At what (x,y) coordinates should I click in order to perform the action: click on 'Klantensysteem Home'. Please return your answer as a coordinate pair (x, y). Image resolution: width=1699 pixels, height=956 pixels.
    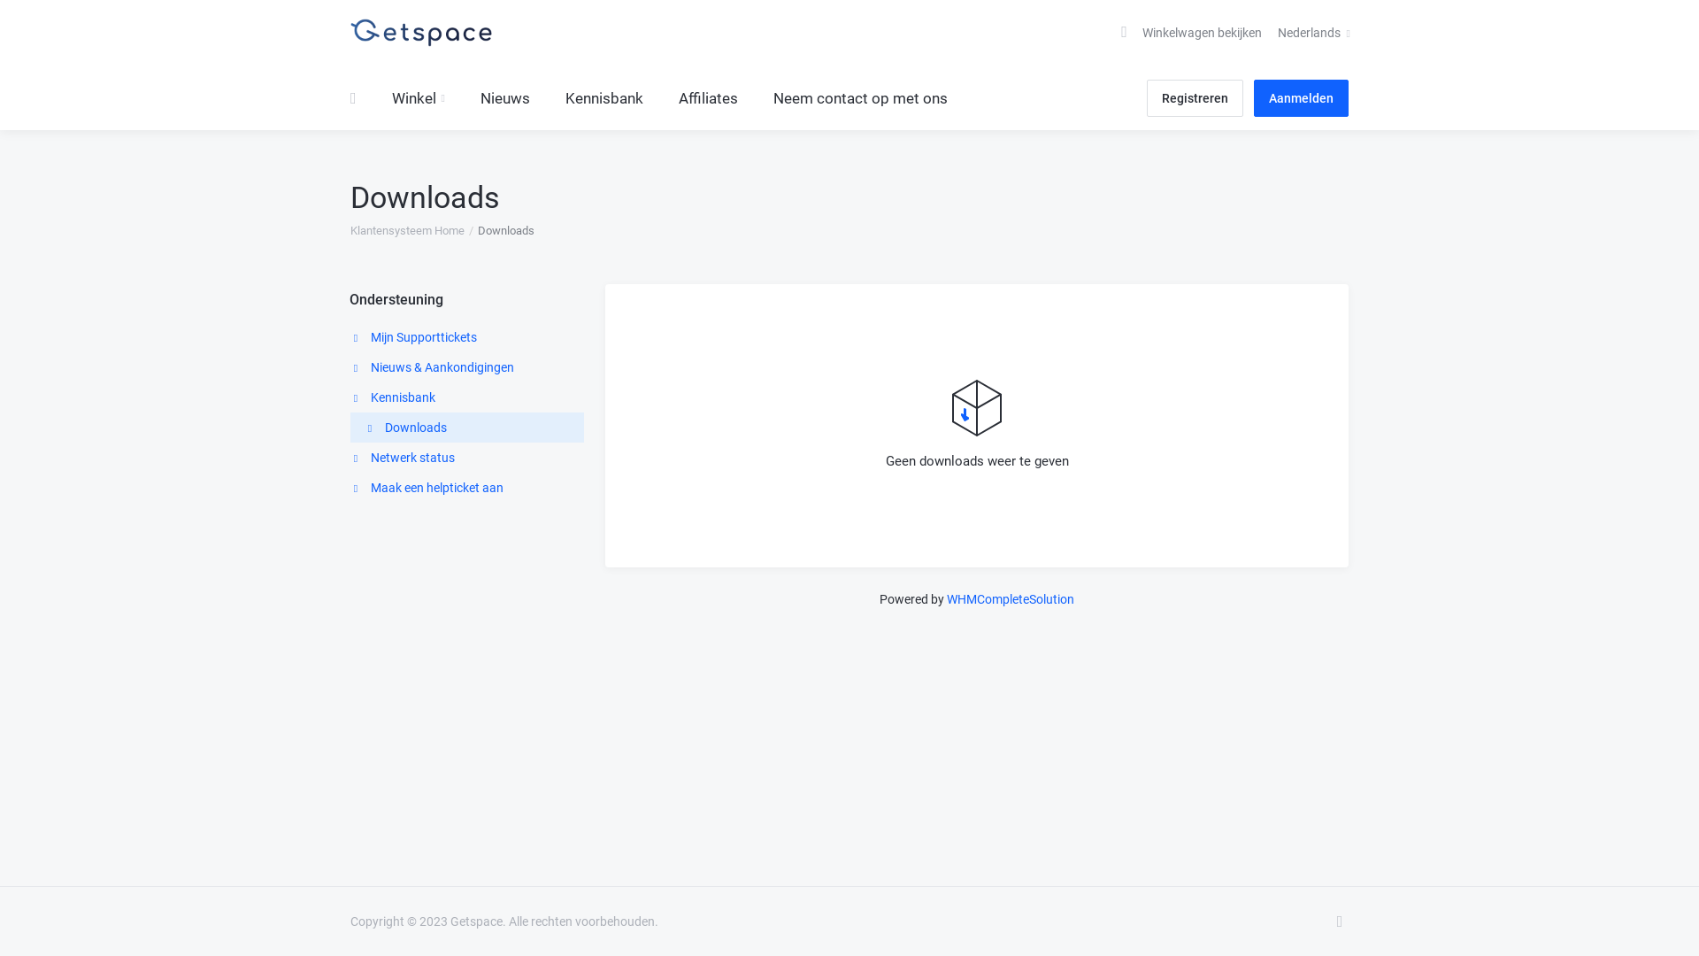
    Looking at the image, I should click on (350, 230).